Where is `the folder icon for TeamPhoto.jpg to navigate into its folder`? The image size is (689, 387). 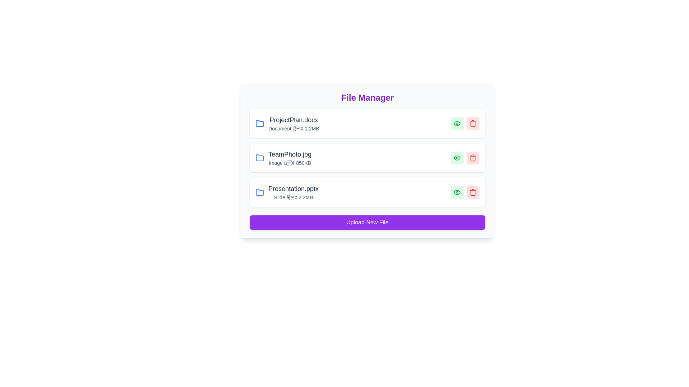 the folder icon for TeamPhoto.jpg to navigate into its folder is located at coordinates (259, 157).